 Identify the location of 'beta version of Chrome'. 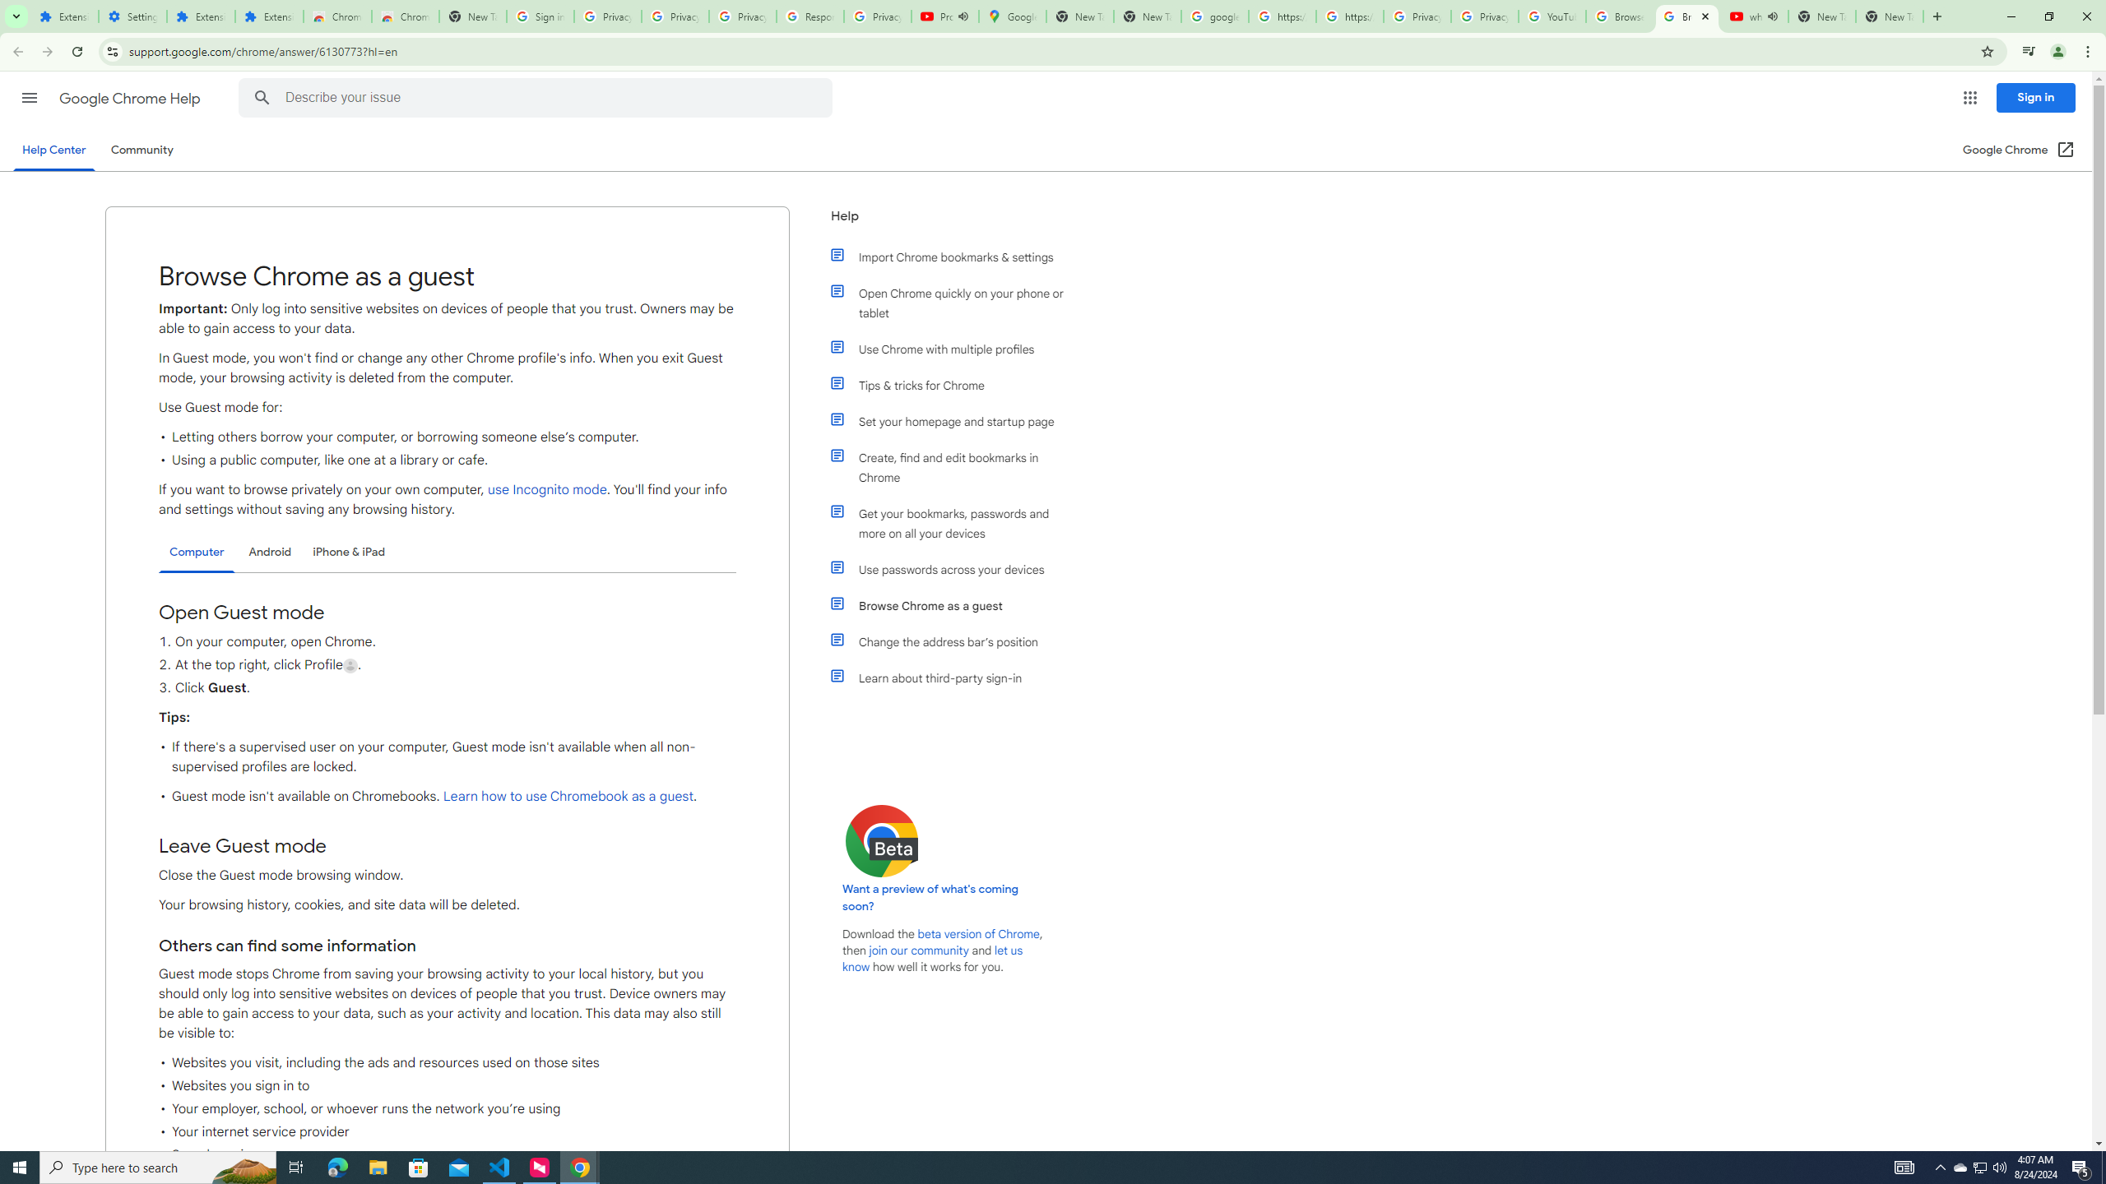
(979, 933).